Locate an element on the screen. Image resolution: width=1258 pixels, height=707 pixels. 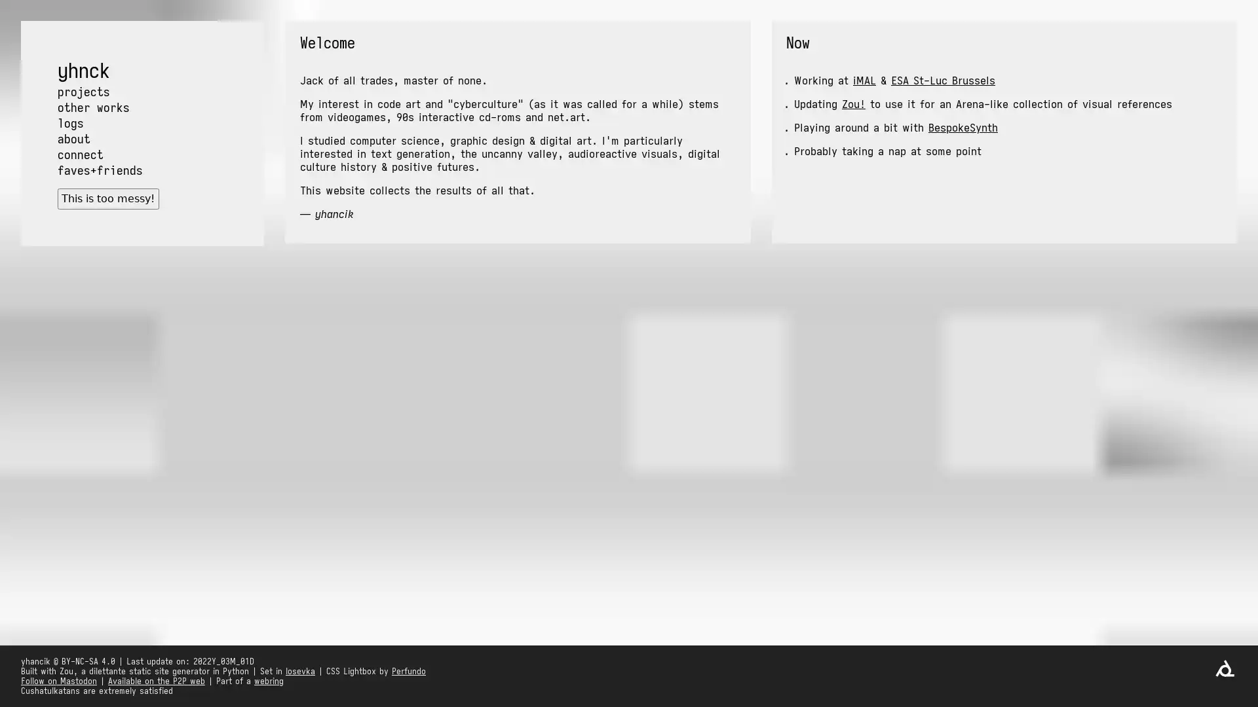
This is too messy! is located at coordinates (107, 198).